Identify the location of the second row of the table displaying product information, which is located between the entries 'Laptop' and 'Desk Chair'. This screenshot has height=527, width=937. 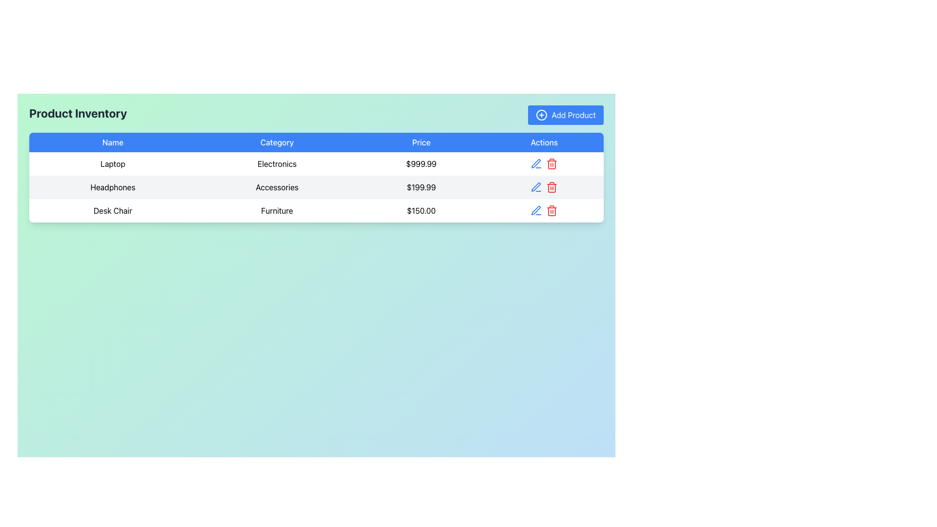
(316, 187).